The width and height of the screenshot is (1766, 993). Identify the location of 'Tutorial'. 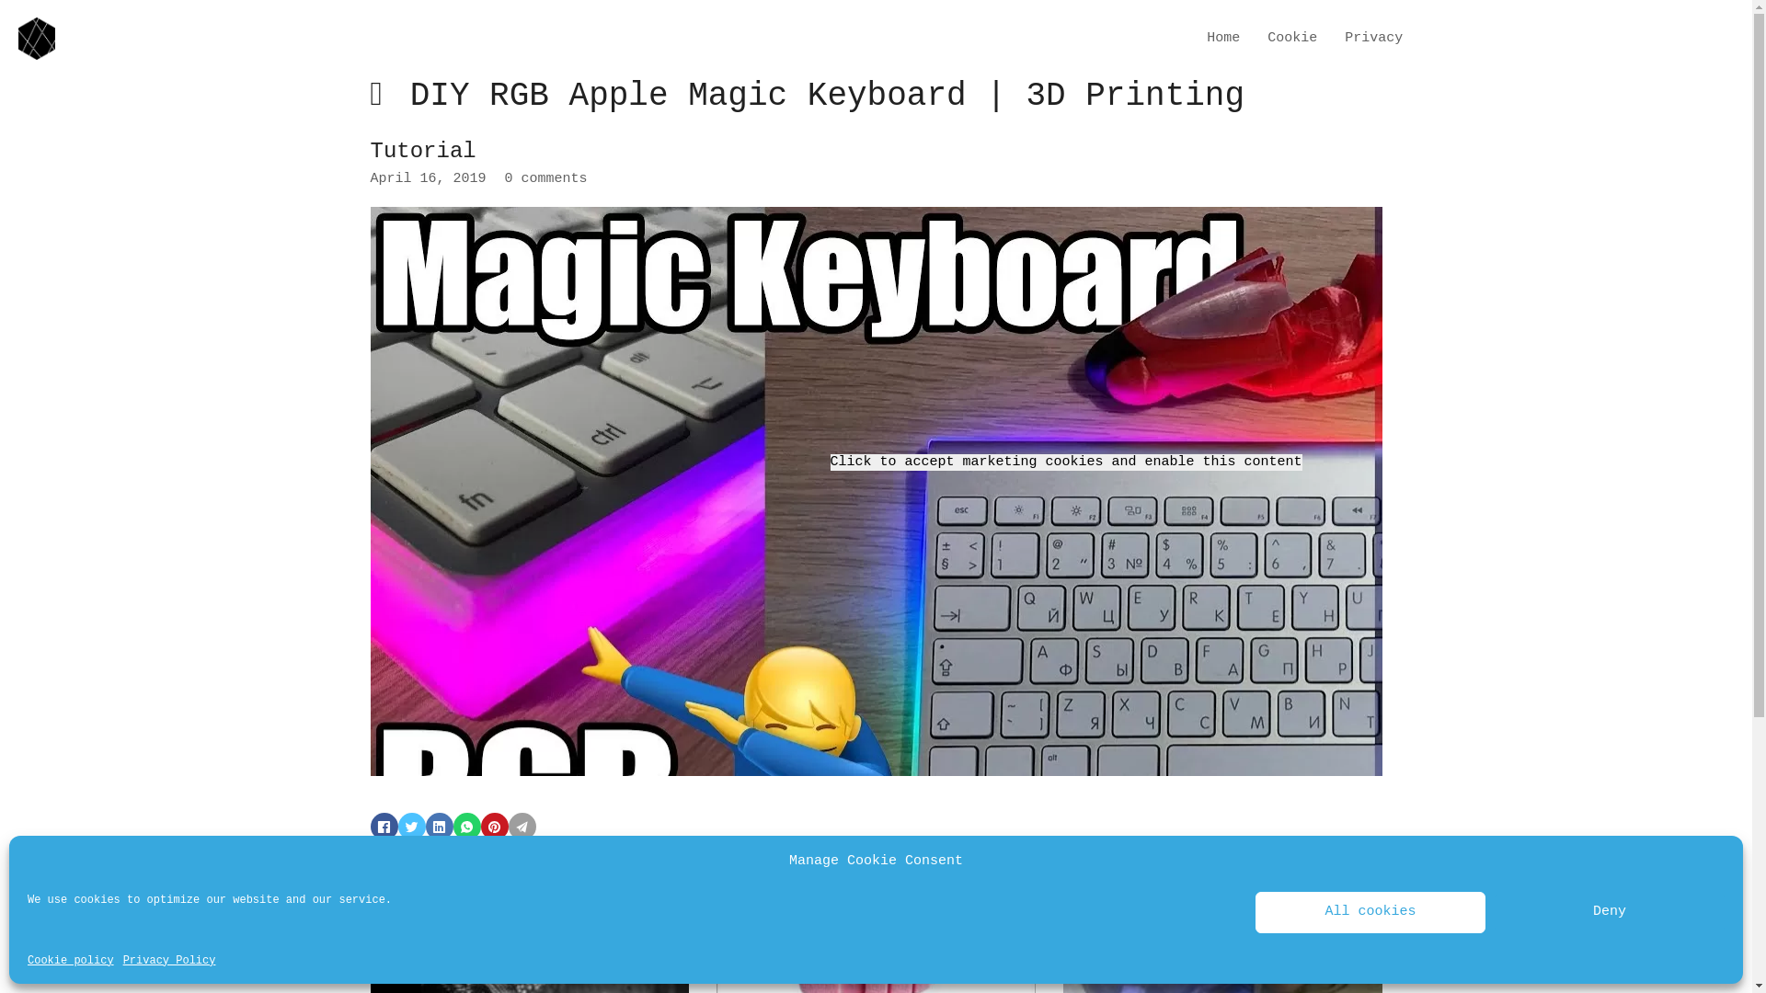
(421, 150).